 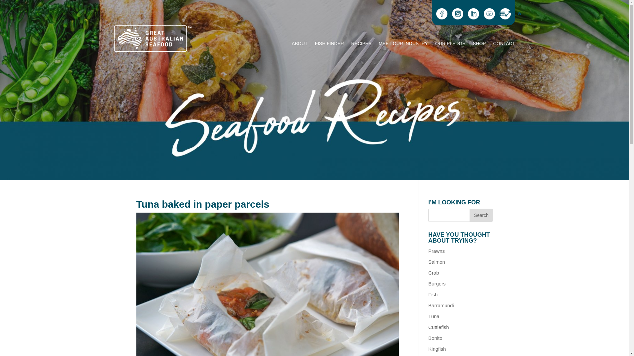 What do you see at coordinates (439, 327) in the screenshot?
I see `'Cuttlefish'` at bounding box center [439, 327].